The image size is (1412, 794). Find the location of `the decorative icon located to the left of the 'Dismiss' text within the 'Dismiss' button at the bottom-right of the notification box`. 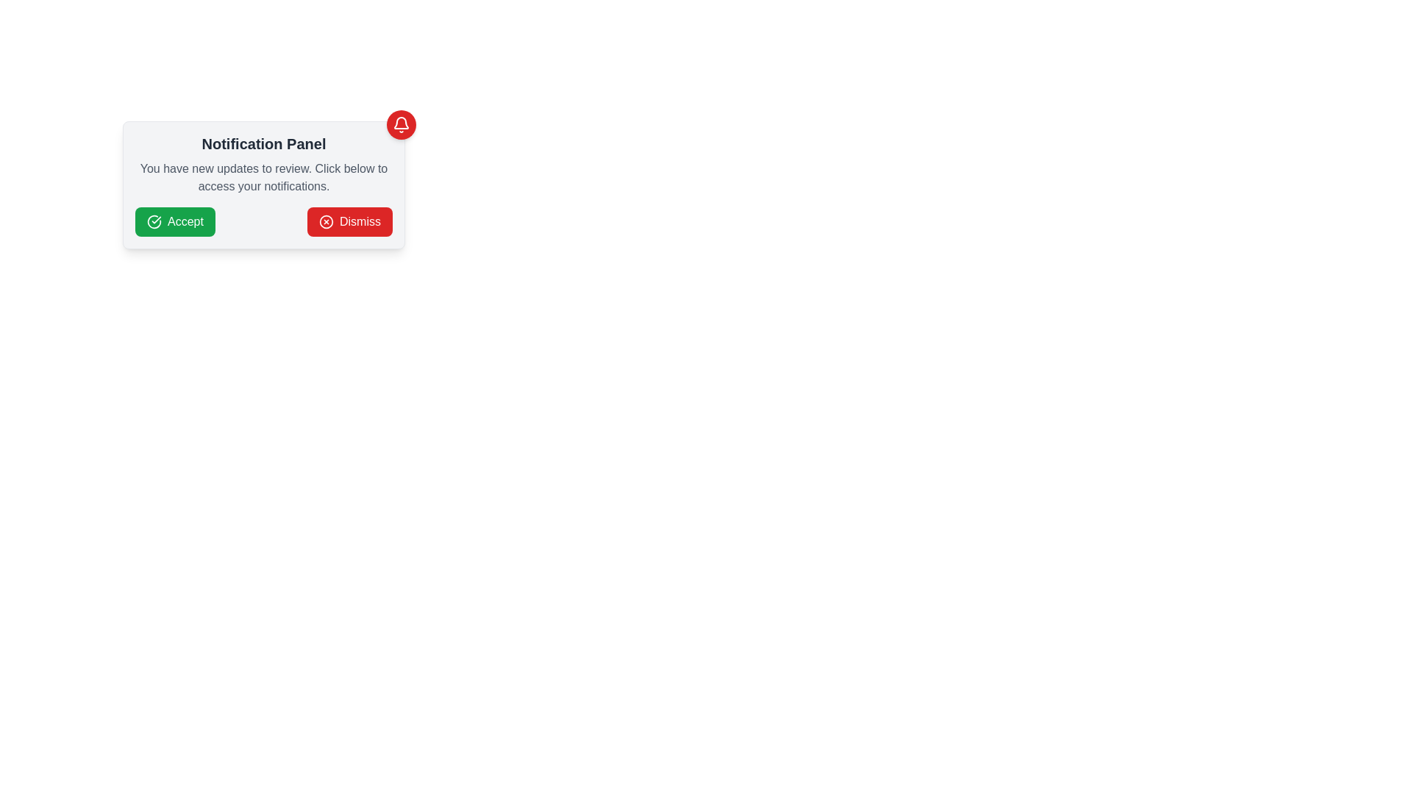

the decorative icon located to the left of the 'Dismiss' text within the 'Dismiss' button at the bottom-right of the notification box is located at coordinates (326, 221).